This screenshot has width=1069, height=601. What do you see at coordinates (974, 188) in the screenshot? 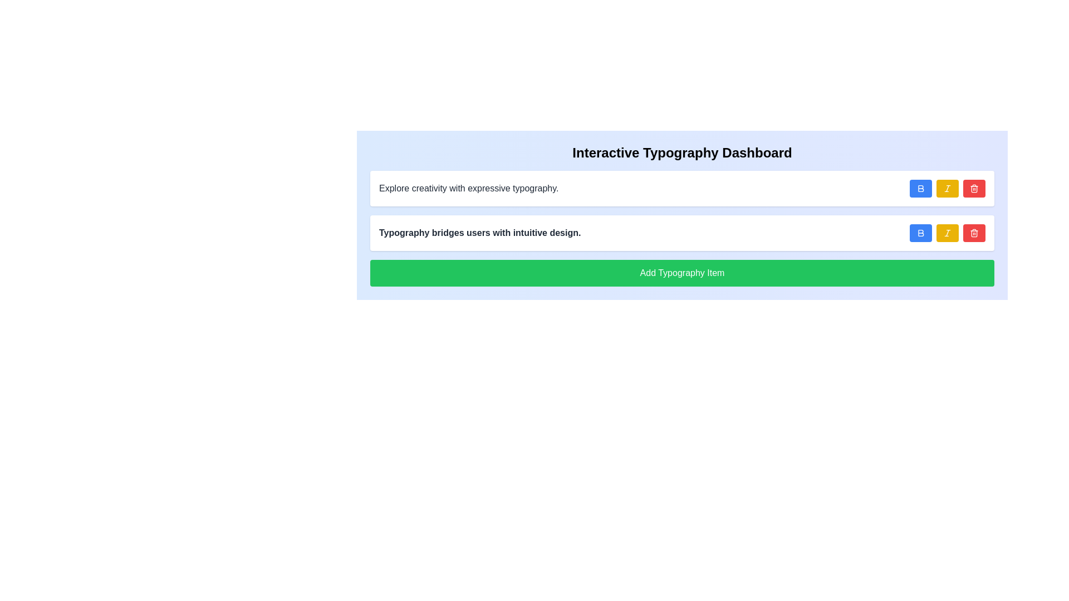
I see `the red button with a trash can icon, located to the right of the yellow italicized button and the blue bold button` at bounding box center [974, 188].